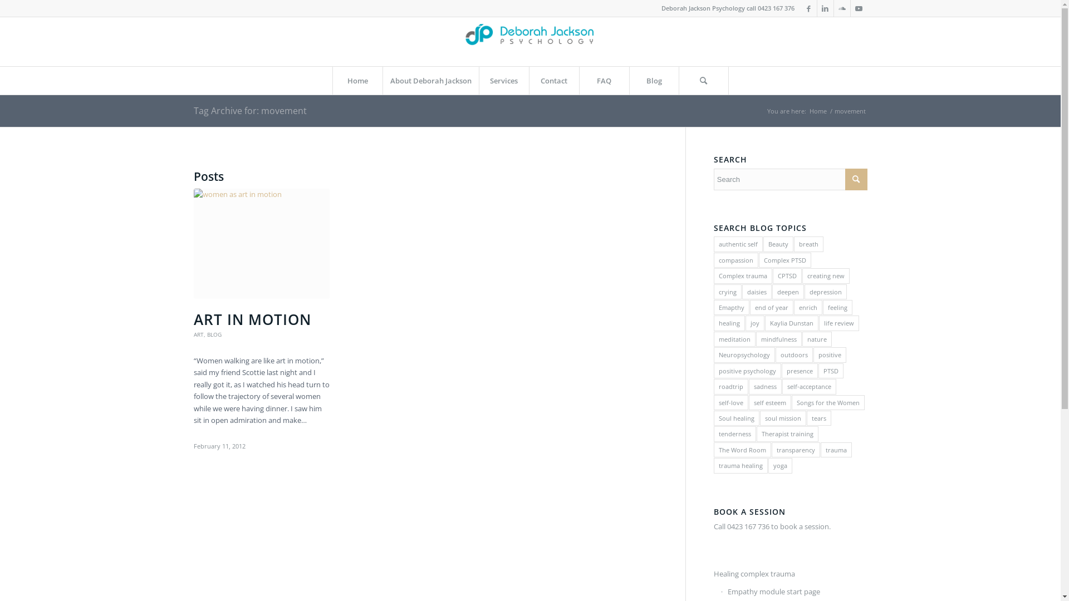 The image size is (1069, 601). I want to click on 'trauma', so click(836, 449).